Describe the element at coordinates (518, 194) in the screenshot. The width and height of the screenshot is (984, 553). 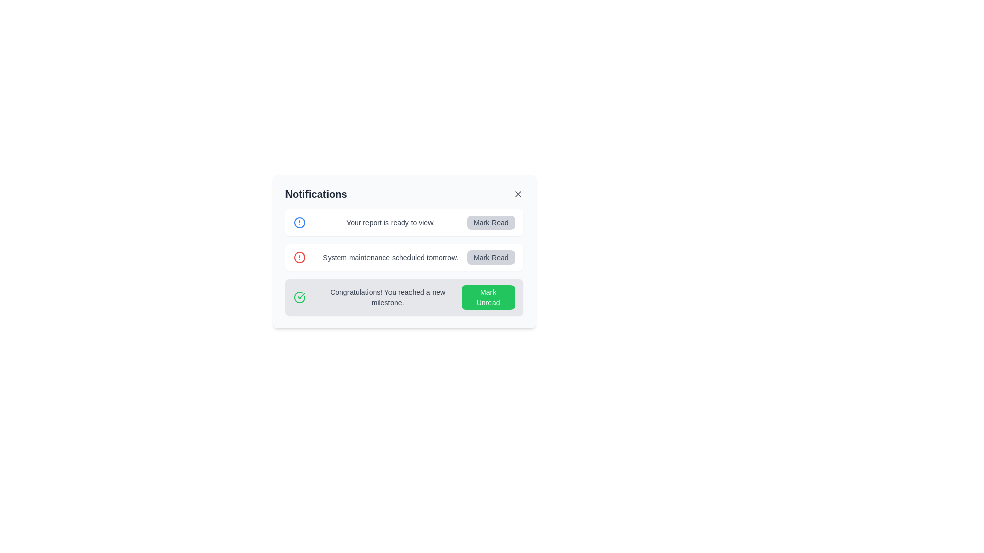
I see `the dark gray cross (X) icon button located in the upper-right corner of the notification panel` at that location.